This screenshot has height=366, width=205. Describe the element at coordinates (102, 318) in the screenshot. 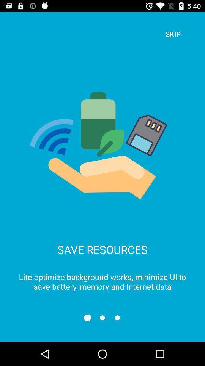

I see `its a widget used to swipe the screen to a new page` at that location.